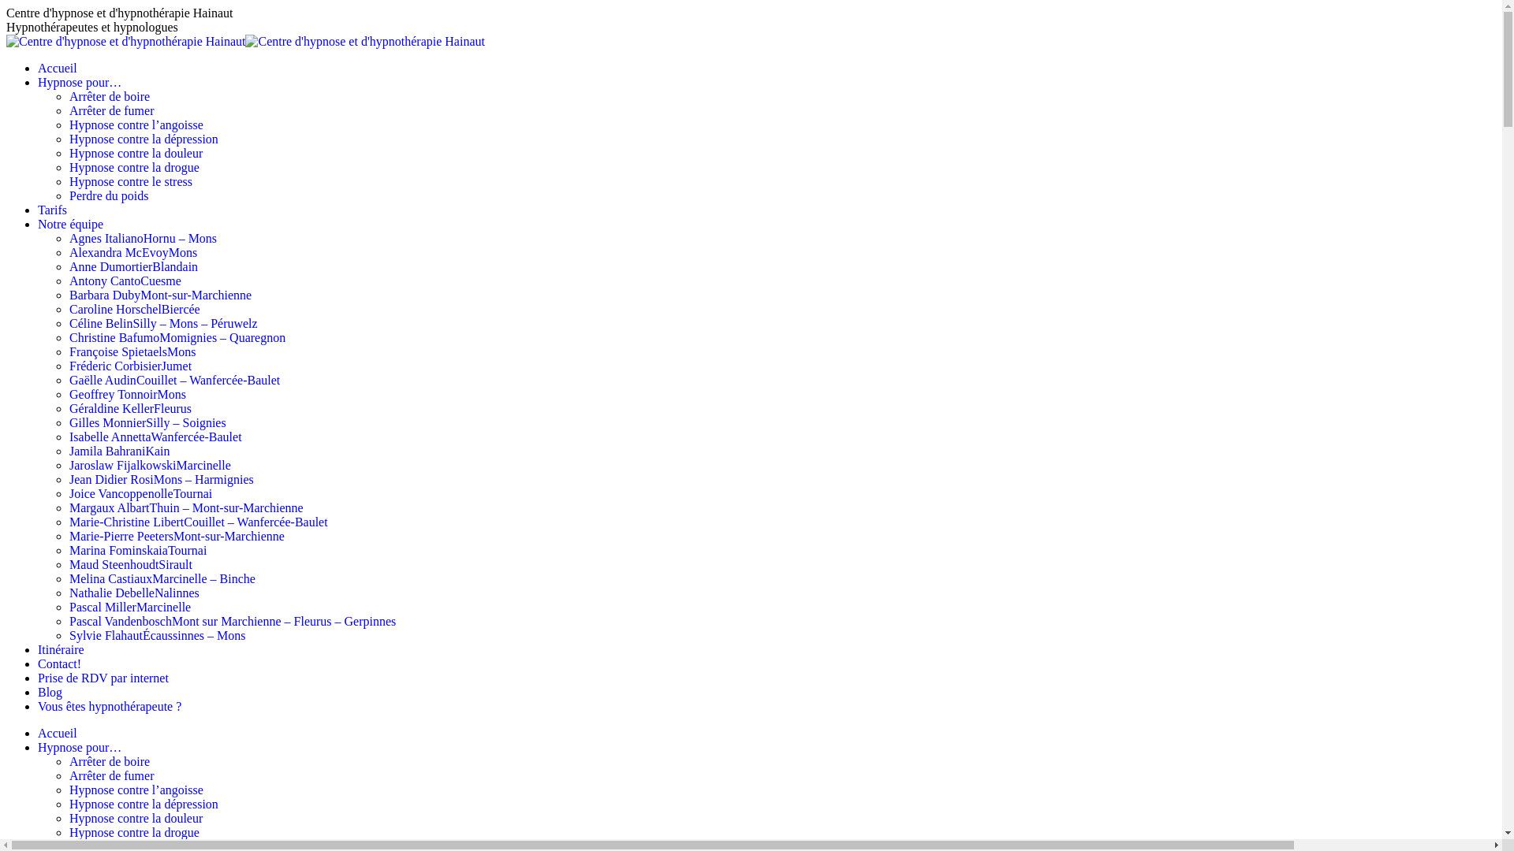 The height and width of the screenshot is (851, 1514). What do you see at coordinates (102, 677) in the screenshot?
I see `'Prise de RDV par internet'` at bounding box center [102, 677].